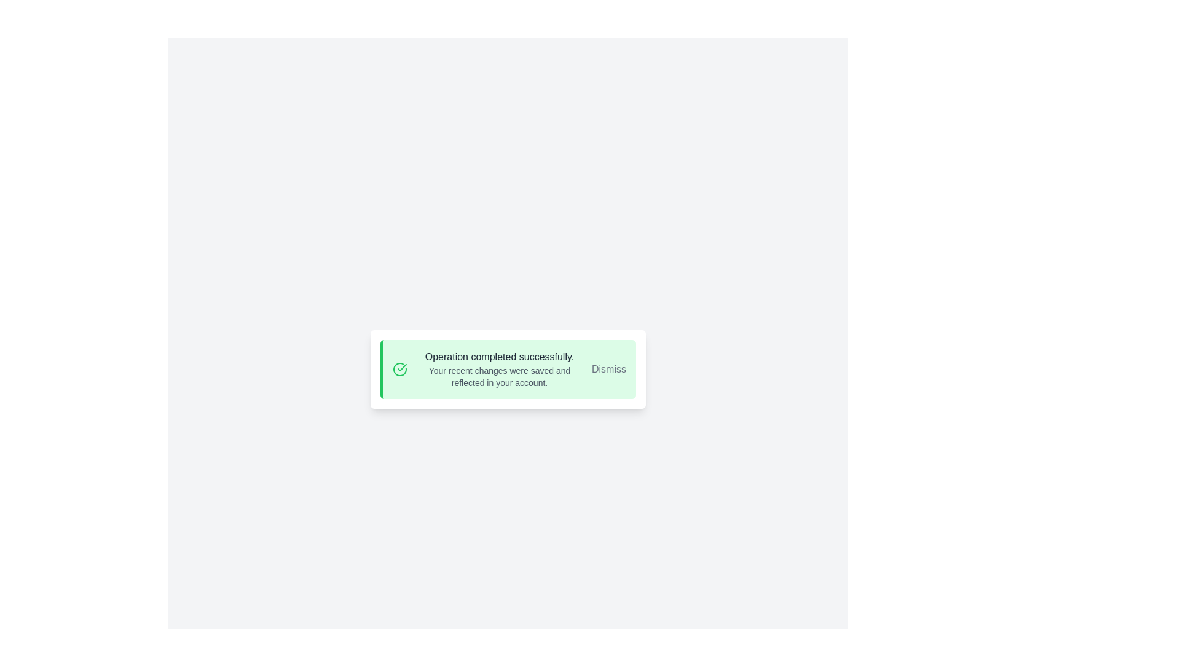 The width and height of the screenshot is (1180, 664). What do you see at coordinates (499, 369) in the screenshot?
I see `the confirmation message text label located in the center section of the notification card, which has a green background and is positioned between a check mark icon and a 'Dismiss' button` at bounding box center [499, 369].